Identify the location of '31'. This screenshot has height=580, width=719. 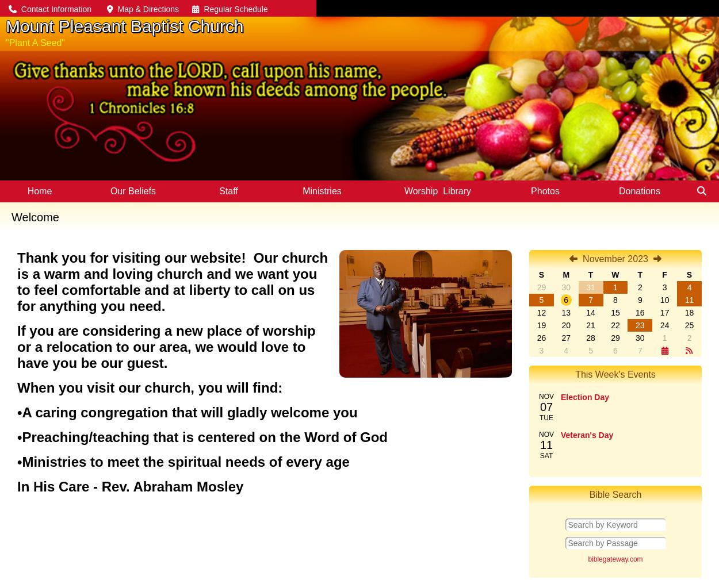
(586, 286).